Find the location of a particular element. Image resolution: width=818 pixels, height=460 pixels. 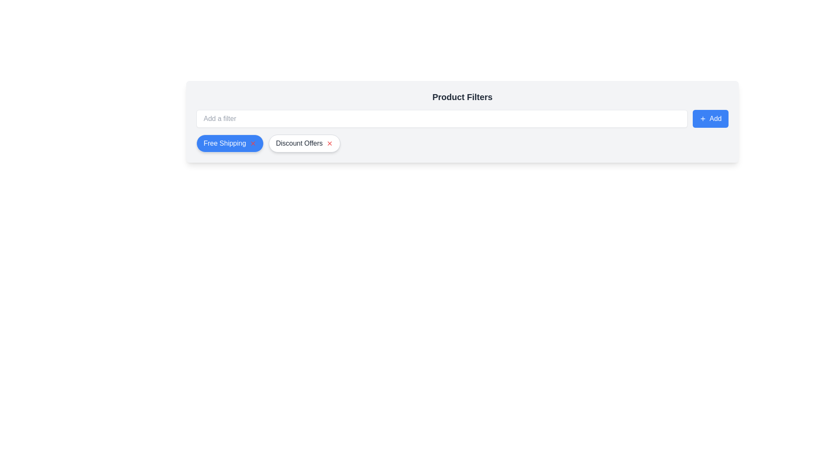

the close button located at the right end of the 'Free Shipping' button is located at coordinates (252, 143).